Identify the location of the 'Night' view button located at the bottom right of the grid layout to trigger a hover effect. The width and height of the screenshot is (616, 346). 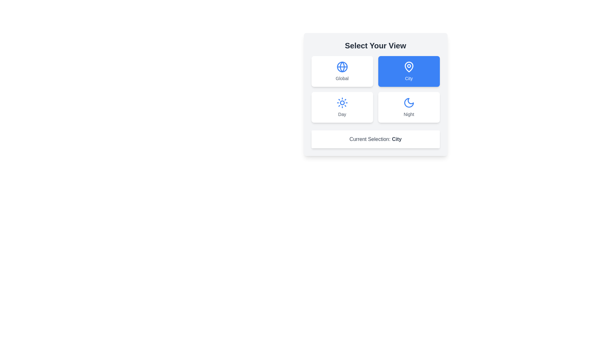
(408, 107).